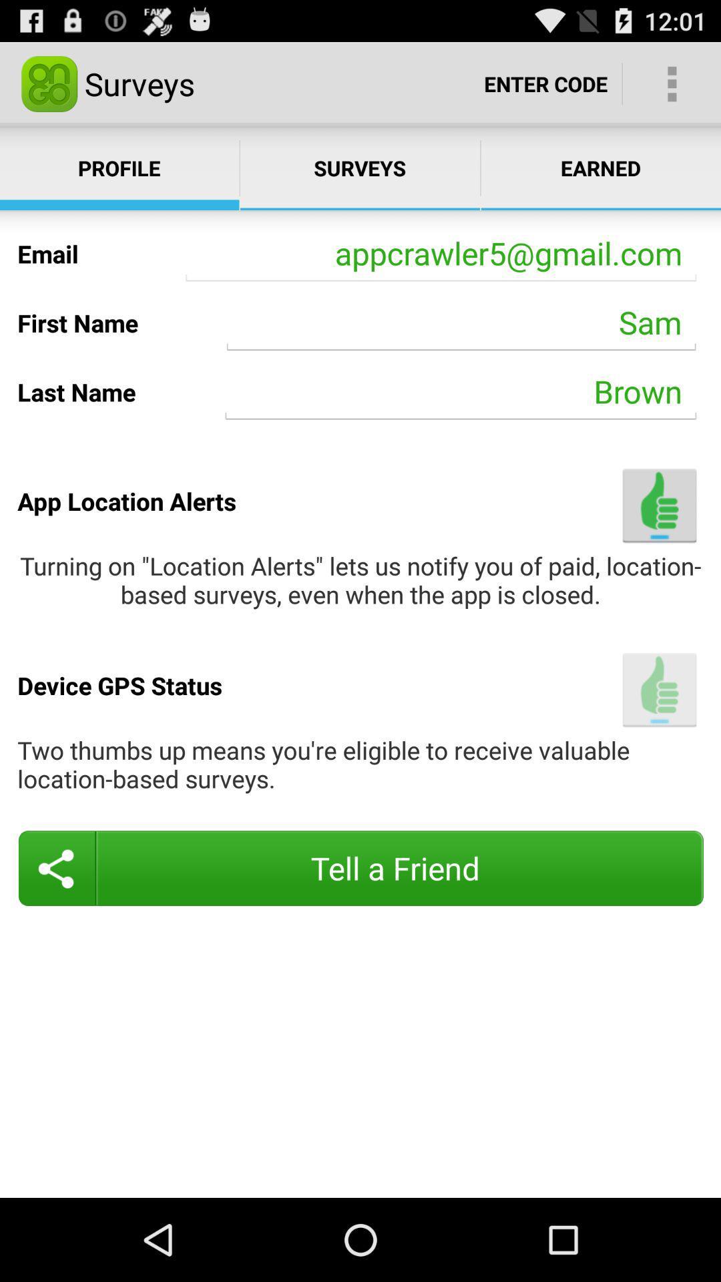 This screenshot has width=721, height=1282. I want to click on icon next to app location alerts, so click(659, 505).